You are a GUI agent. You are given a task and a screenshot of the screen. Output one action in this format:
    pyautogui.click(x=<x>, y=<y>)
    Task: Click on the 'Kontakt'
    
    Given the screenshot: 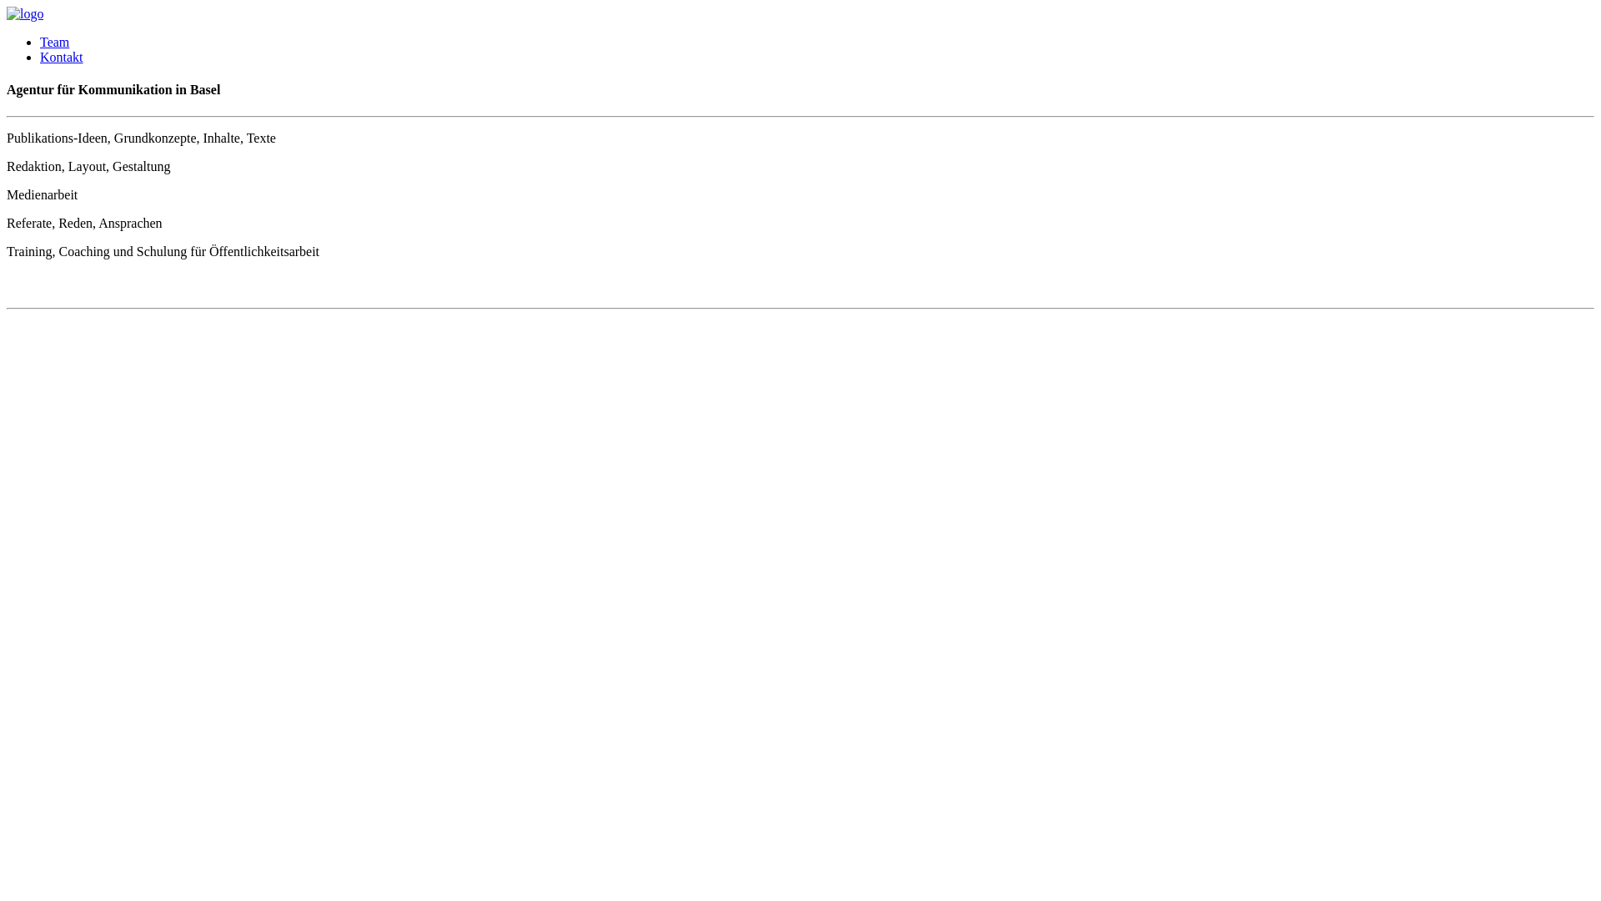 What is the action you would take?
    pyautogui.click(x=61, y=56)
    